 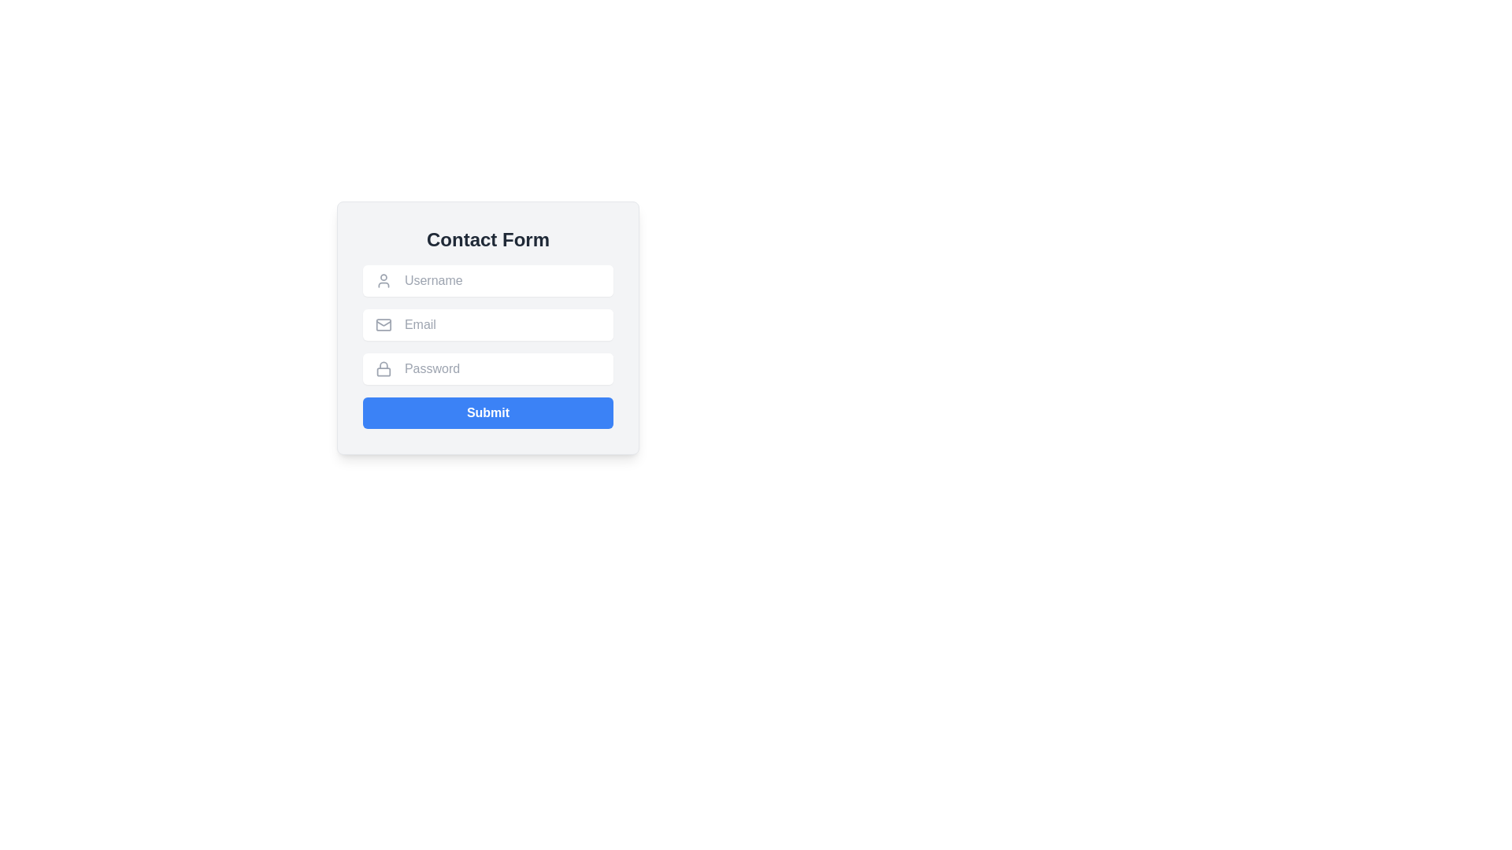 I want to click on the email input field icon located inside the 'Contact Form', positioned to the left of the email input text area, so click(x=384, y=323).